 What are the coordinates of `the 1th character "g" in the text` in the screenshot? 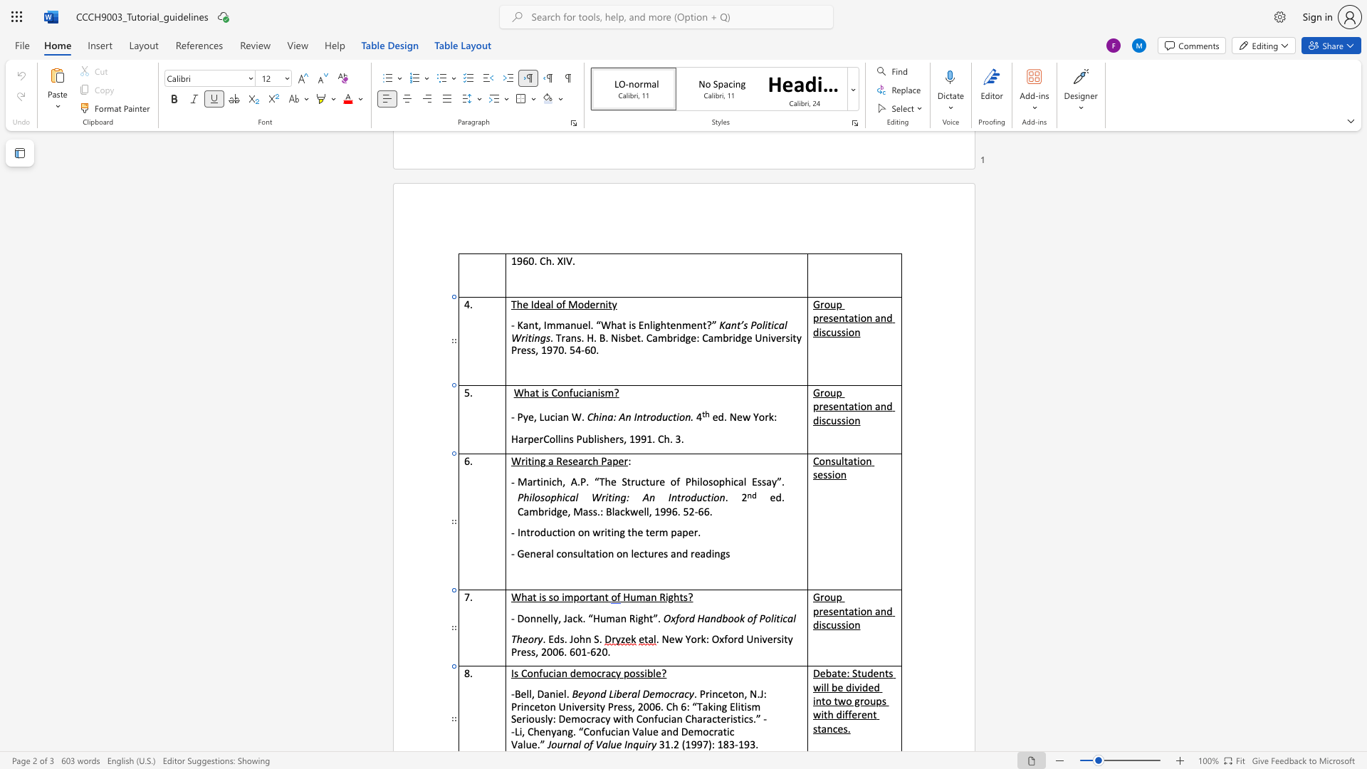 It's located at (570, 731).